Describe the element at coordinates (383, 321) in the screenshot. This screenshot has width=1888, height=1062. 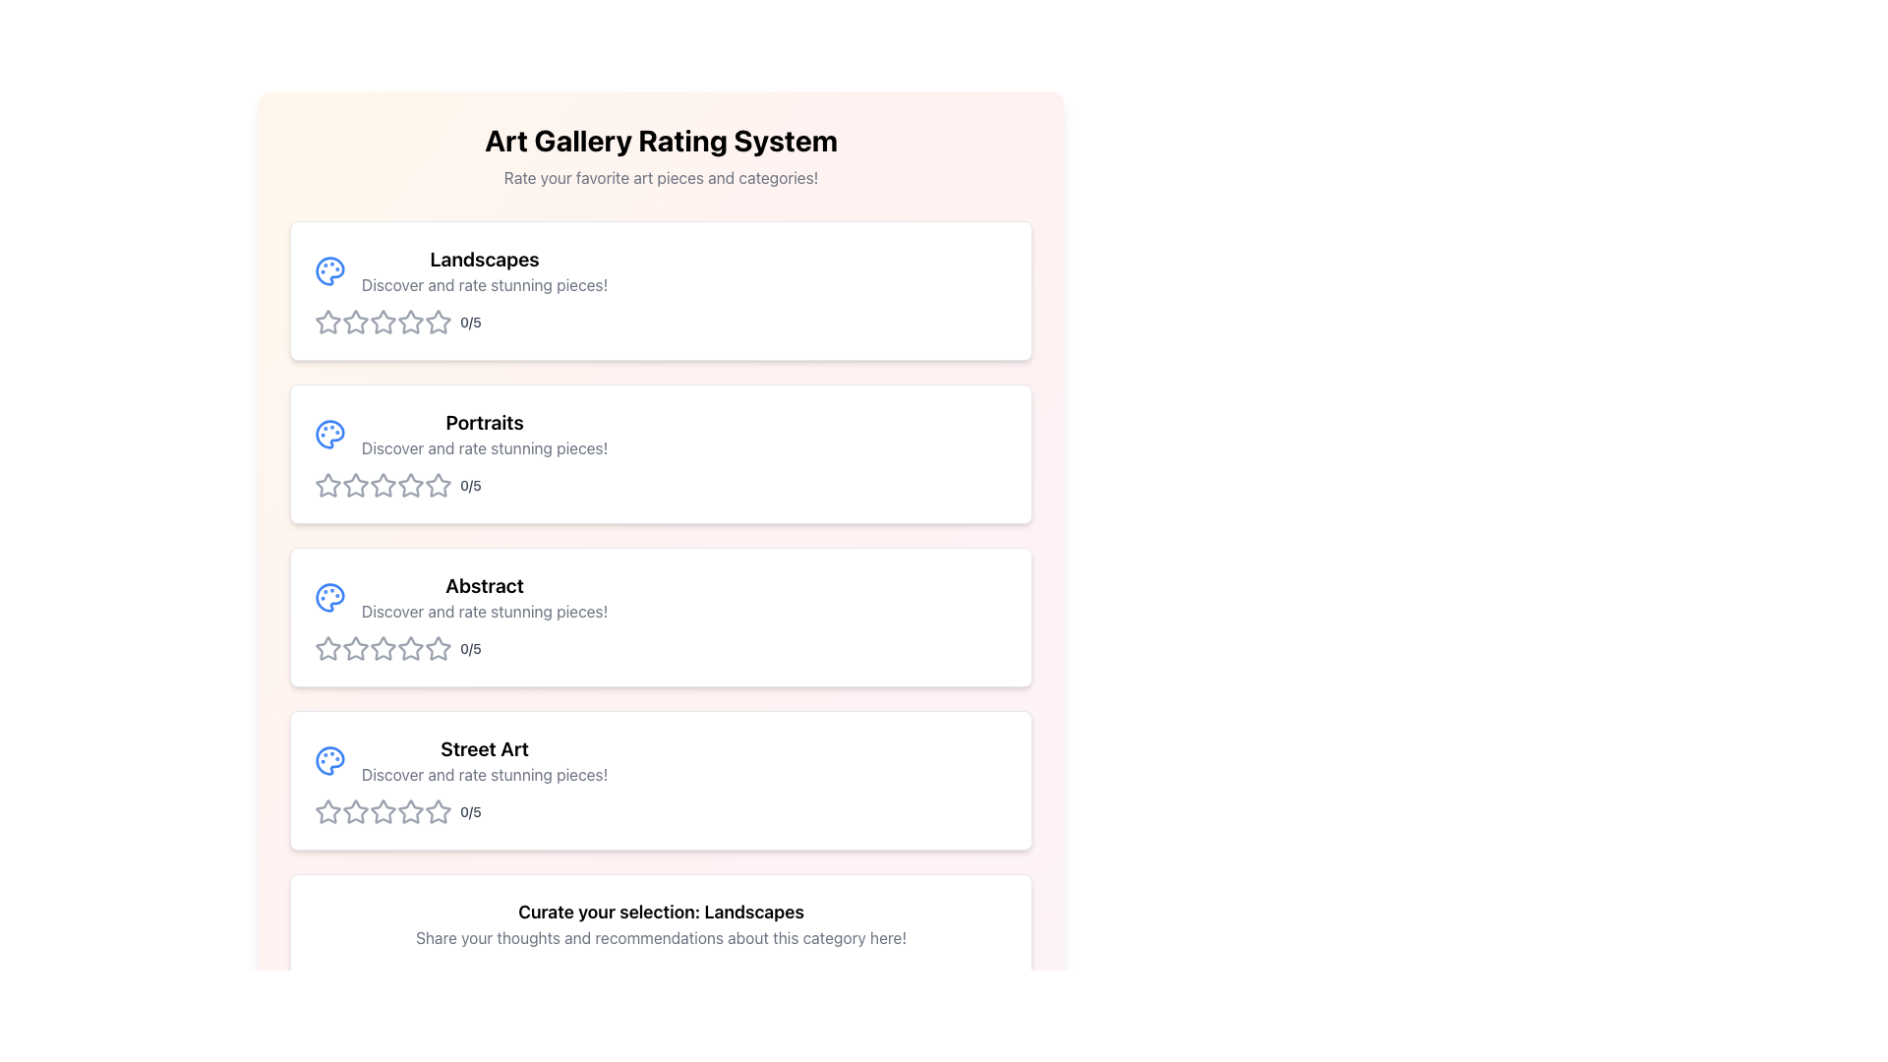
I see `the fourth star icon in the Landscapes rating section to indicate a specific rating level` at that location.